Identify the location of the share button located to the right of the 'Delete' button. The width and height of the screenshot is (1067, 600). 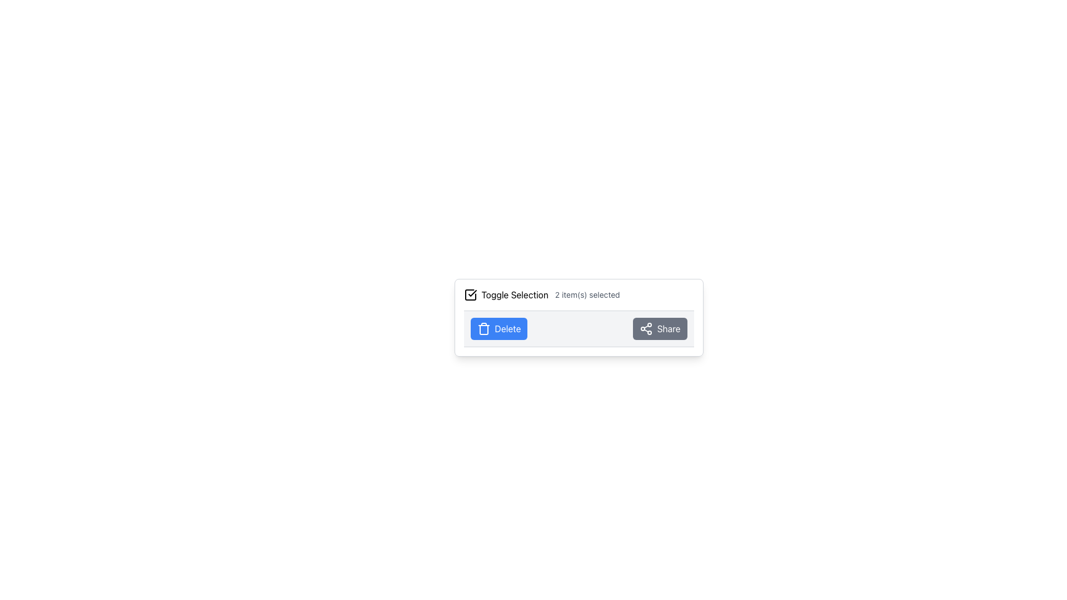
(660, 328).